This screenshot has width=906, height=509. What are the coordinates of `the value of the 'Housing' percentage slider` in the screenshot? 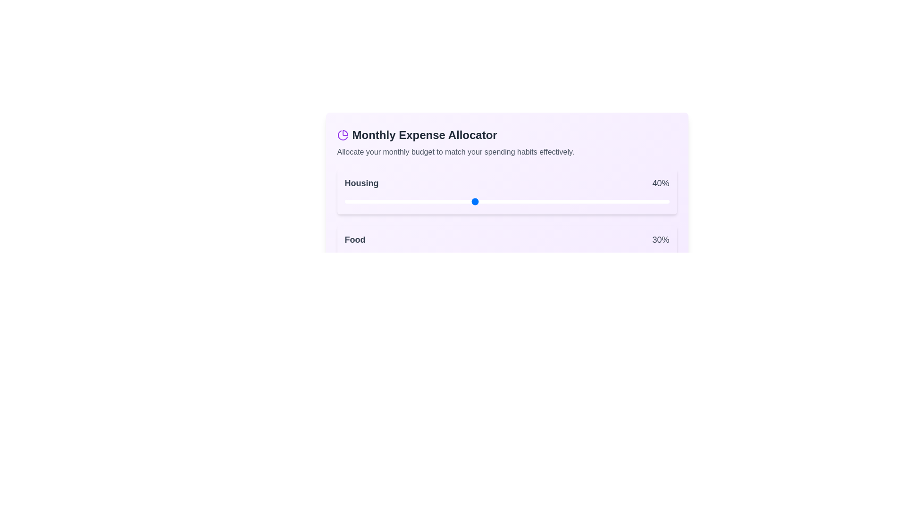 It's located at (387, 201).